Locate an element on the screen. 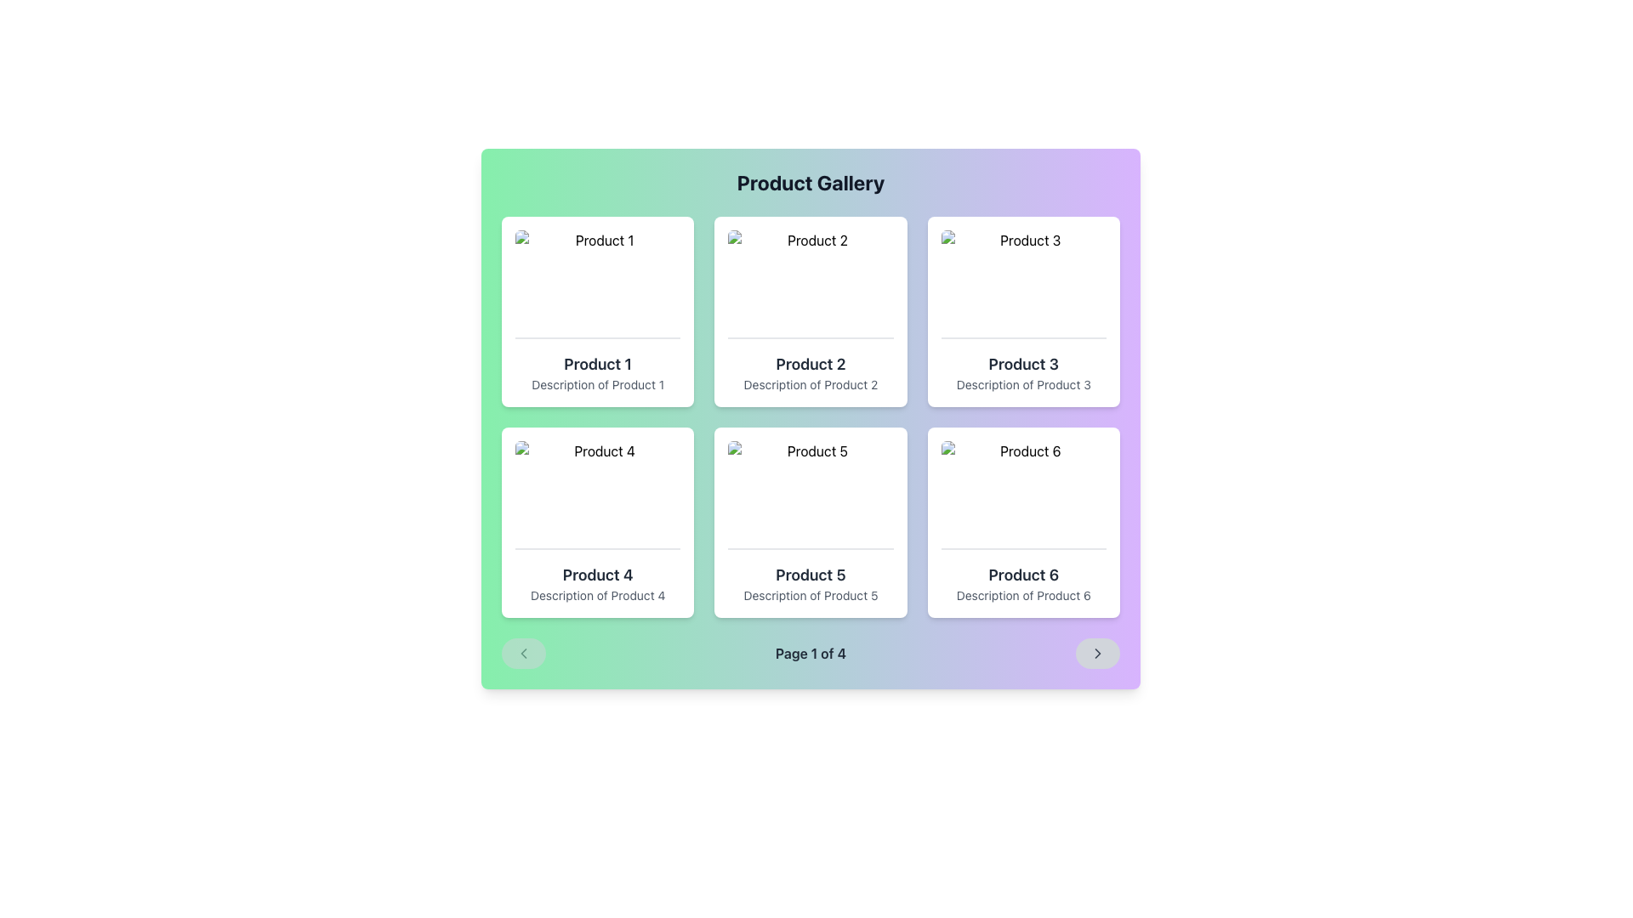 The width and height of the screenshot is (1633, 918). the Card component displaying 'Product 4' with a white background, located in the leftmost column of the second row in a 3x2 grid layout is located at coordinates (598, 521).